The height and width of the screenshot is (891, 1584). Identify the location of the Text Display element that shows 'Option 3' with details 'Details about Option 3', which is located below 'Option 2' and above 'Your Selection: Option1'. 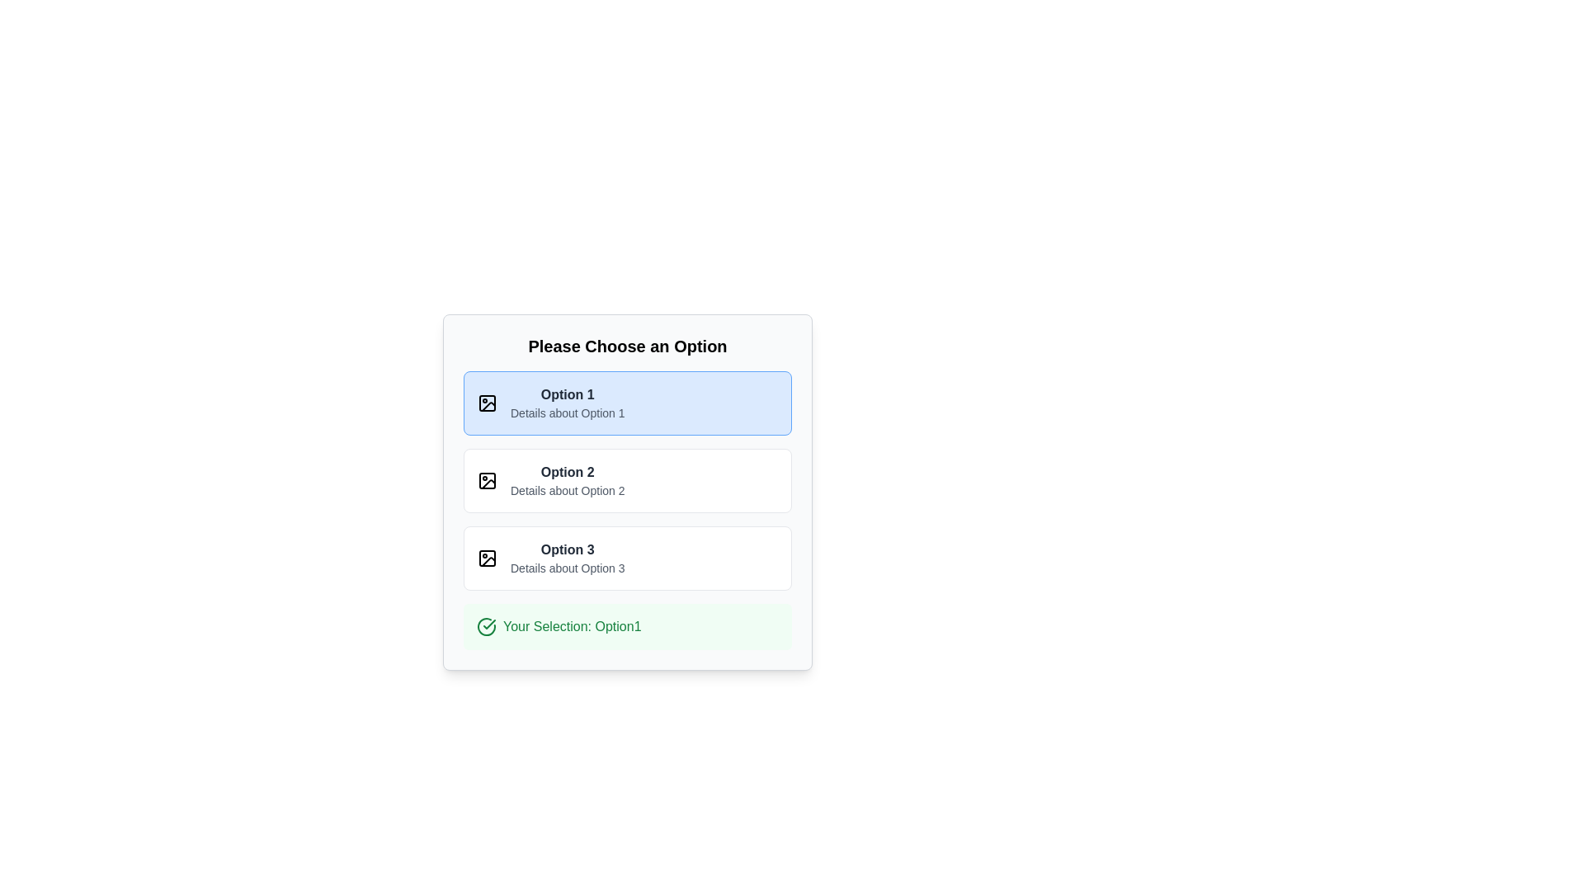
(568, 558).